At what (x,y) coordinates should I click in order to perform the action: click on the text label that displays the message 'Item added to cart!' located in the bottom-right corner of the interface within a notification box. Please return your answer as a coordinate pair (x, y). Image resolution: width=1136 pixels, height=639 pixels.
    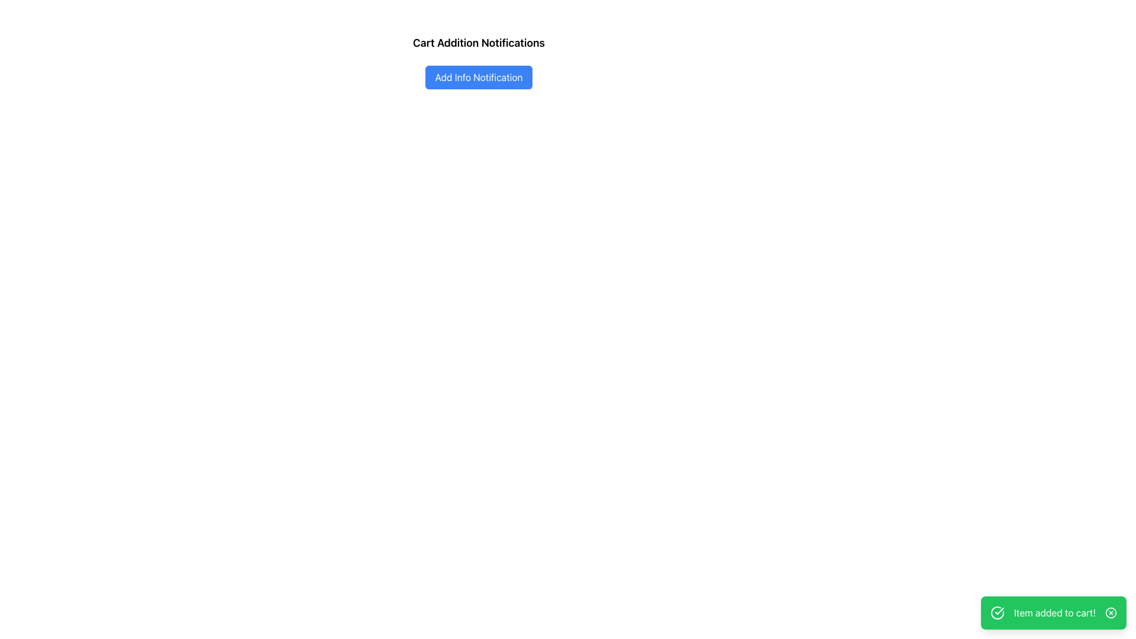
    Looking at the image, I should click on (1054, 612).